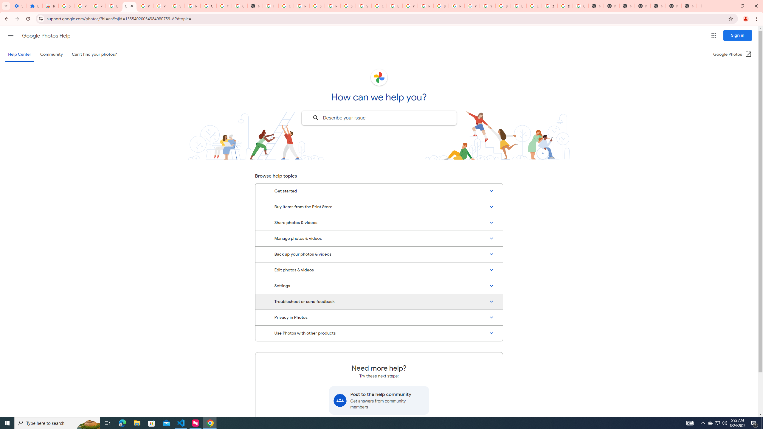  What do you see at coordinates (315, 118) in the screenshot?
I see `'Search'` at bounding box center [315, 118].